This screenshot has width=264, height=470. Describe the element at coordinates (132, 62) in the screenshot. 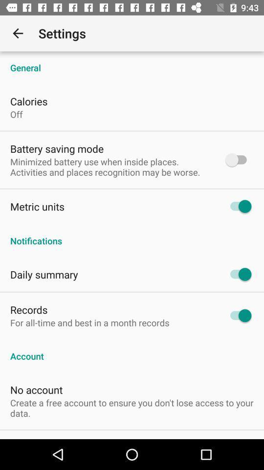

I see `the item above the calories item` at that location.